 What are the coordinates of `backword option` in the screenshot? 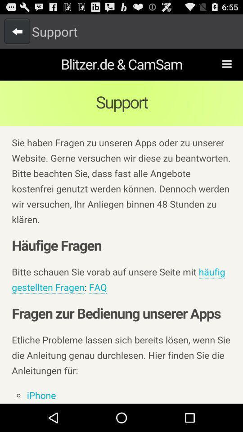 It's located at (17, 31).